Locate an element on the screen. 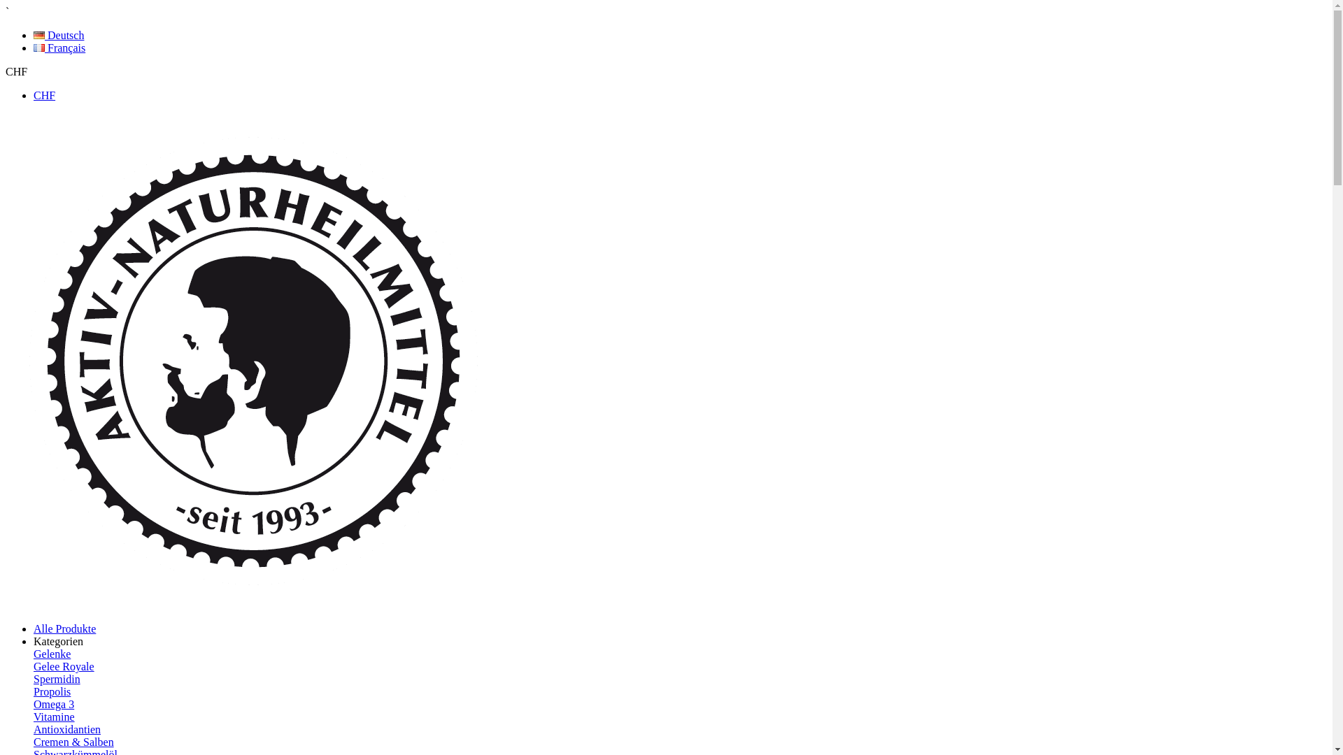 The height and width of the screenshot is (755, 1343). 'Alle Produkte' is located at coordinates (64, 628).